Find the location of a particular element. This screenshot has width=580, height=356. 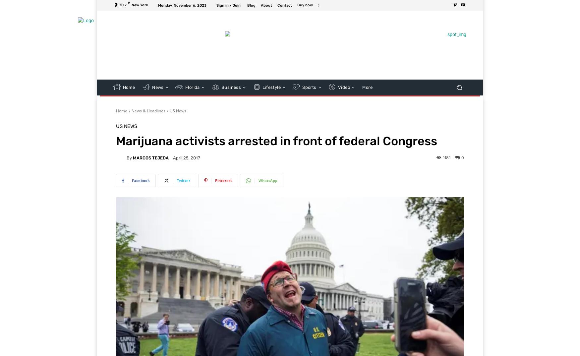

'Contact' is located at coordinates (277, 5).